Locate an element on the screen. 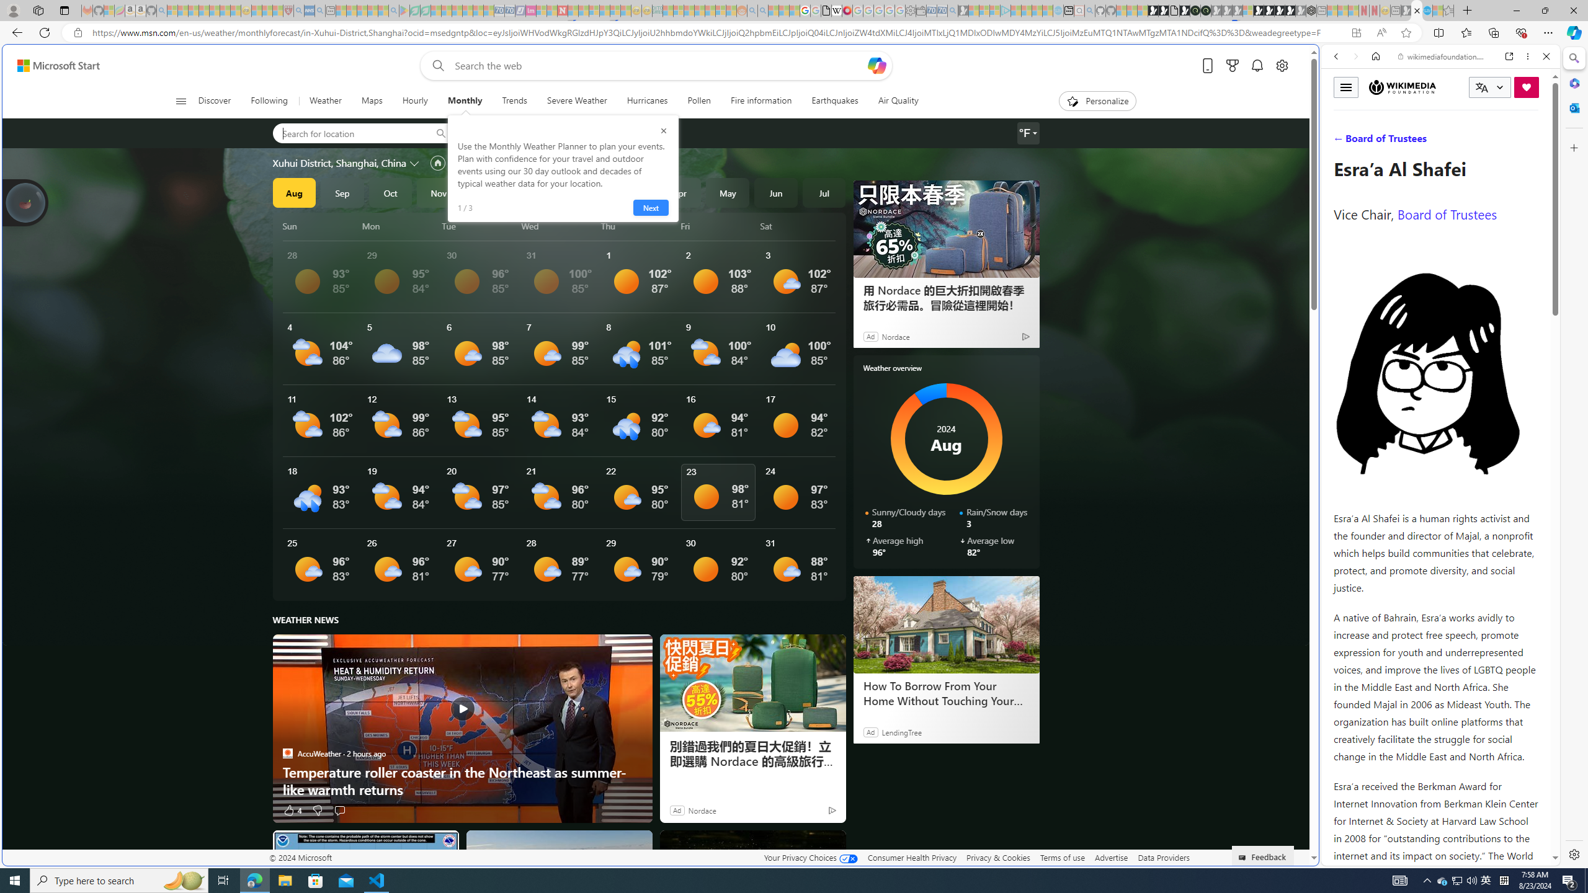 The height and width of the screenshot is (893, 1588). 'Weather' is located at coordinates (324, 100).